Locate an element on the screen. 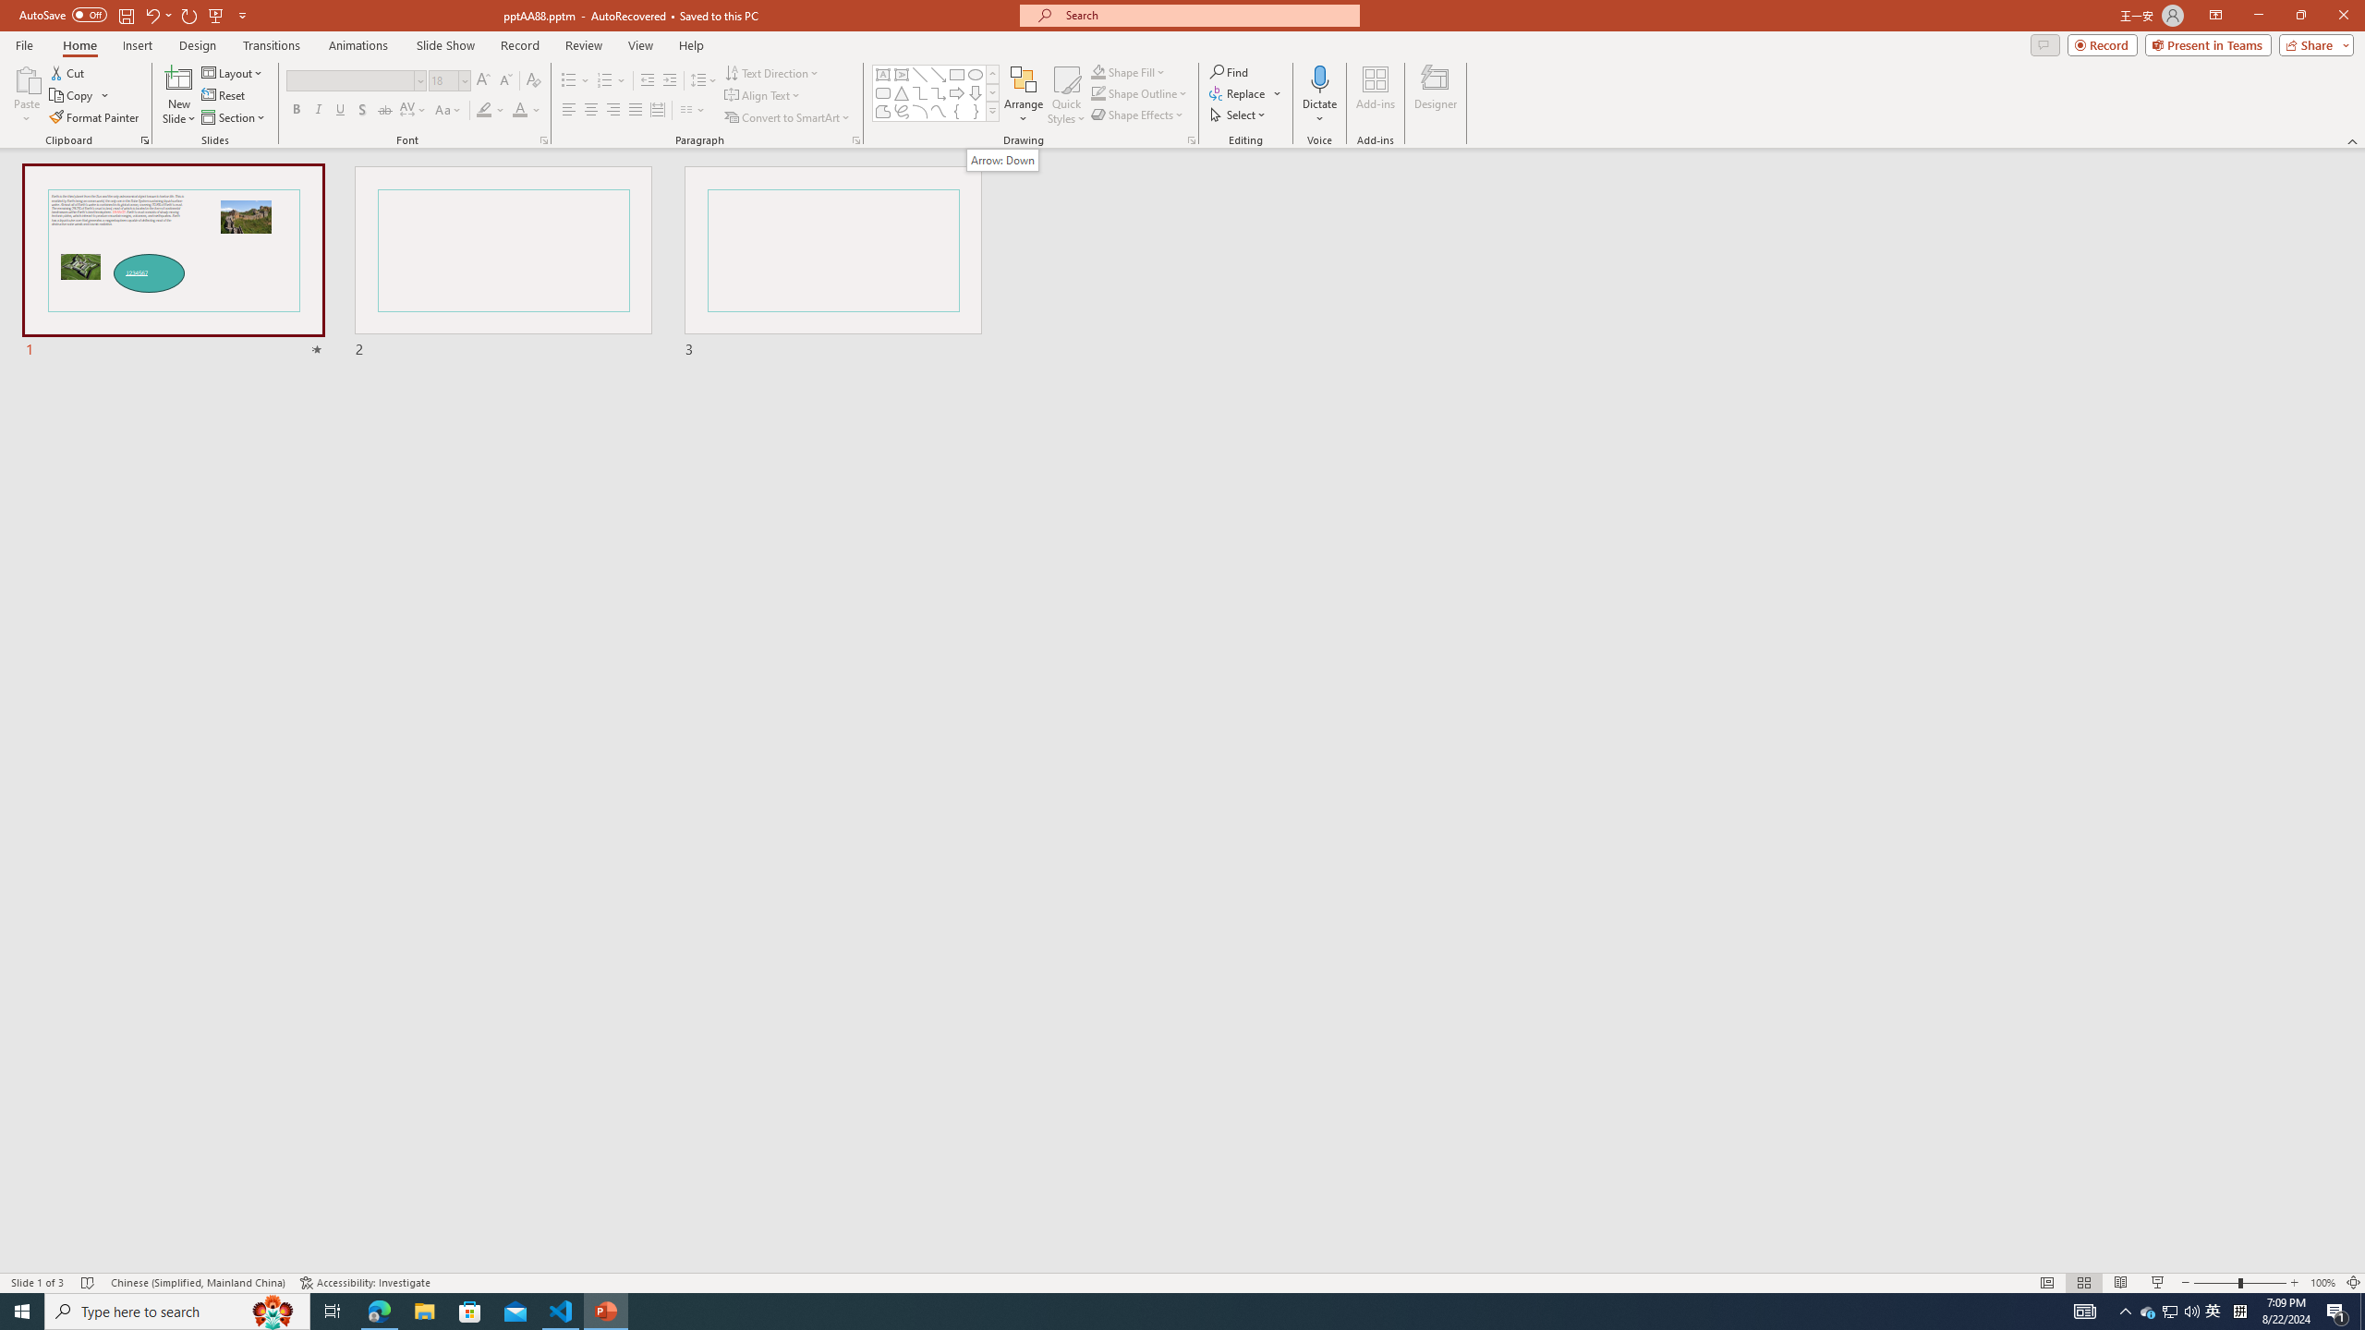 The image size is (2365, 1330). 'Line Spacing' is located at coordinates (704, 80).